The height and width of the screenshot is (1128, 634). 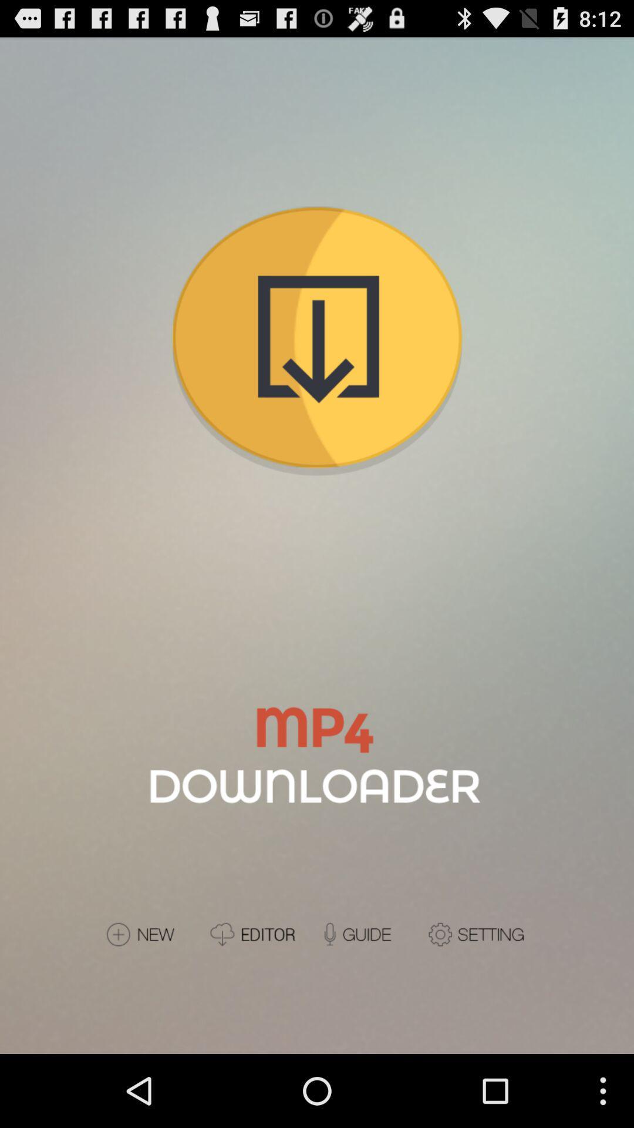 What do you see at coordinates (152, 934) in the screenshot?
I see `new update` at bounding box center [152, 934].